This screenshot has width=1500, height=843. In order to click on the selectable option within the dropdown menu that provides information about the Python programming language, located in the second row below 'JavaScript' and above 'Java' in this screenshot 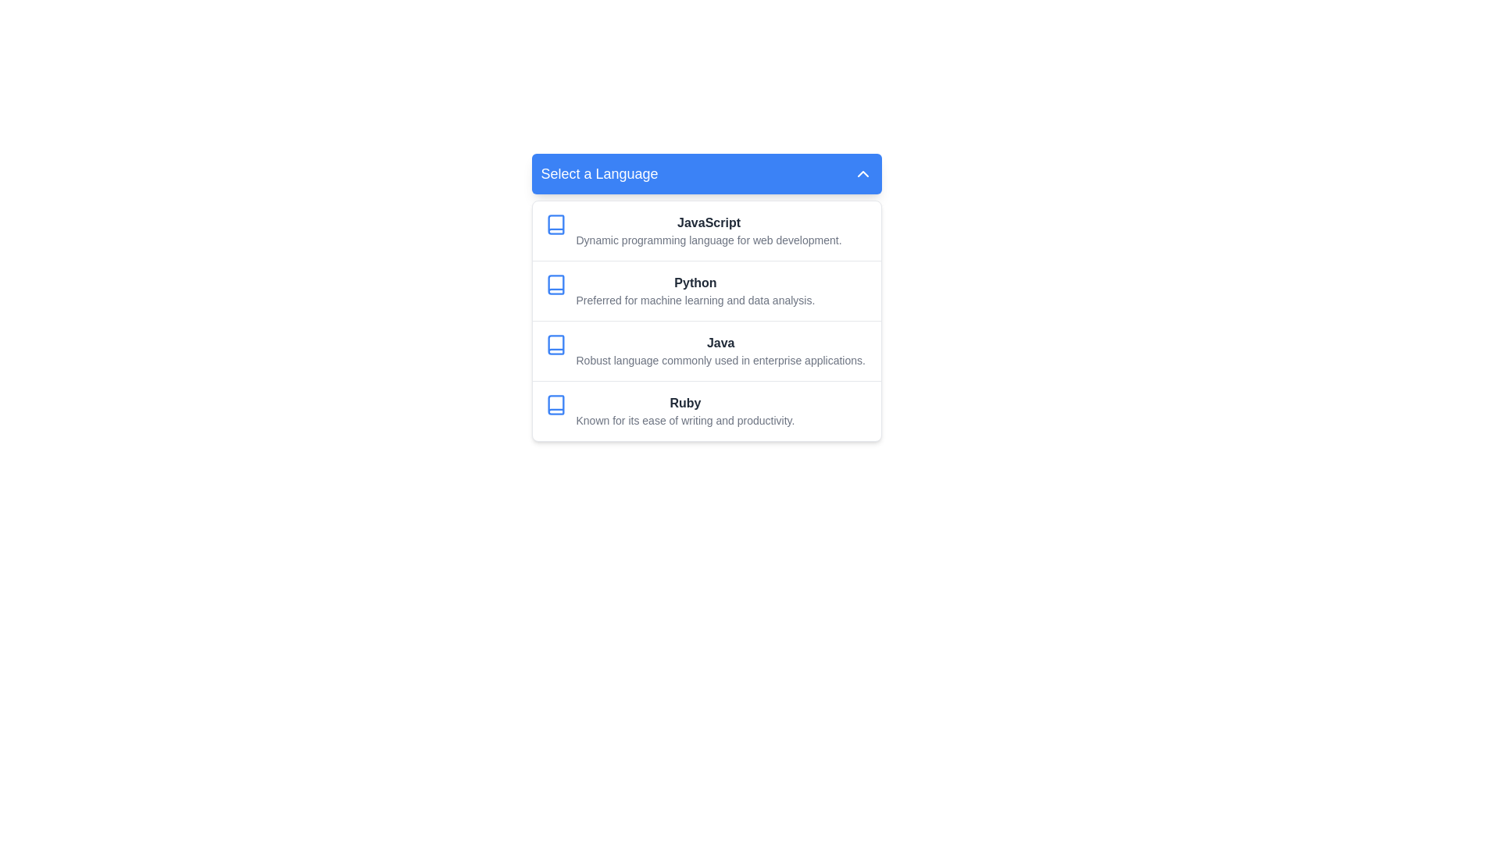, I will do `click(695, 291)`.